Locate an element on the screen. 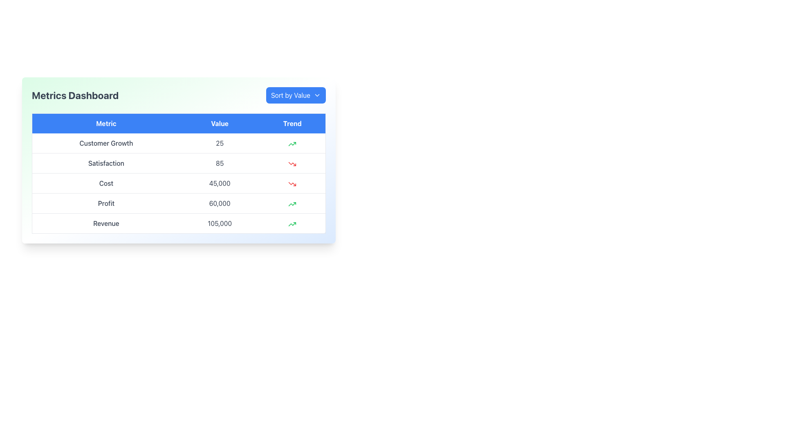 This screenshot has height=442, width=785. the Static Display Text element displaying the numerical value '85' in the 'Value' section of the metrics table, located under the 'Satisfaction' label is located at coordinates (220, 163).